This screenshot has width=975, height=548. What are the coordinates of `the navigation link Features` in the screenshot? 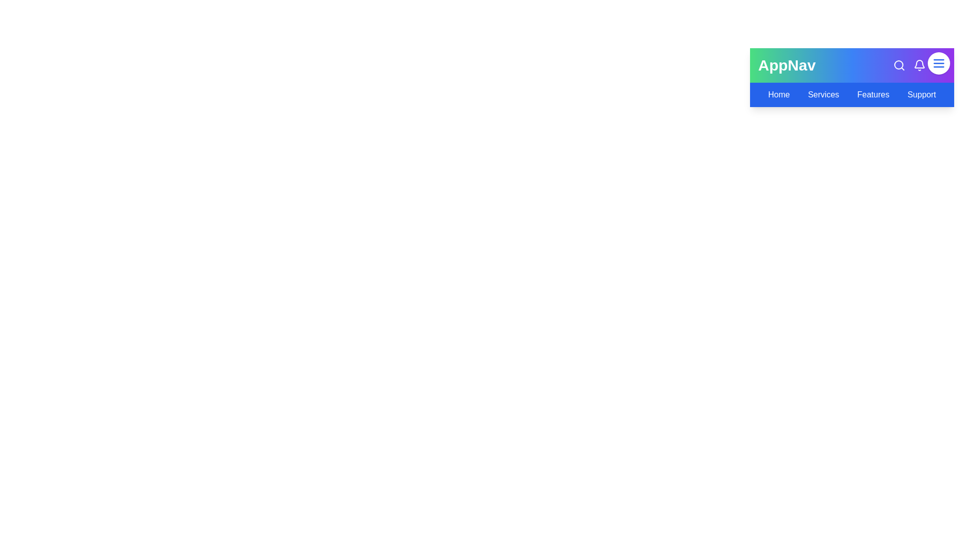 It's located at (872, 94).